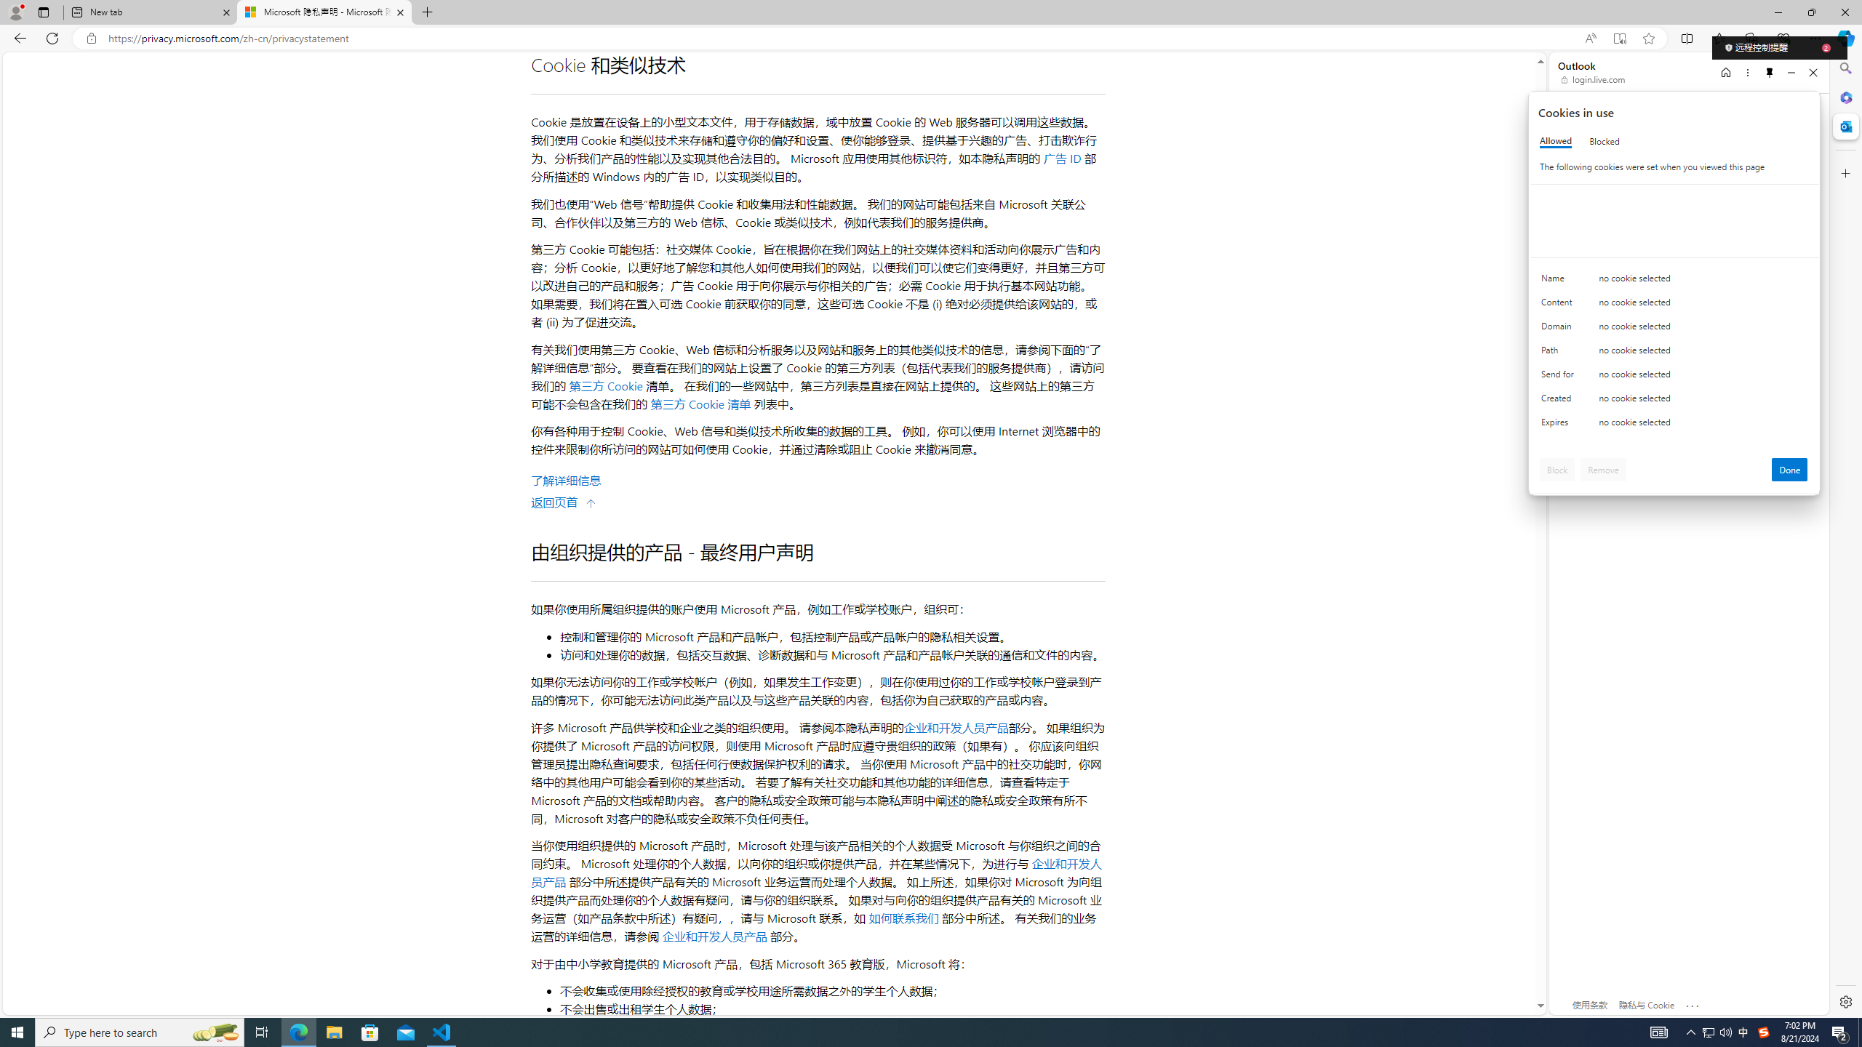 The width and height of the screenshot is (1862, 1047). What do you see at coordinates (1559, 401) in the screenshot?
I see `'Created'` at bounding box center [1559, 401].